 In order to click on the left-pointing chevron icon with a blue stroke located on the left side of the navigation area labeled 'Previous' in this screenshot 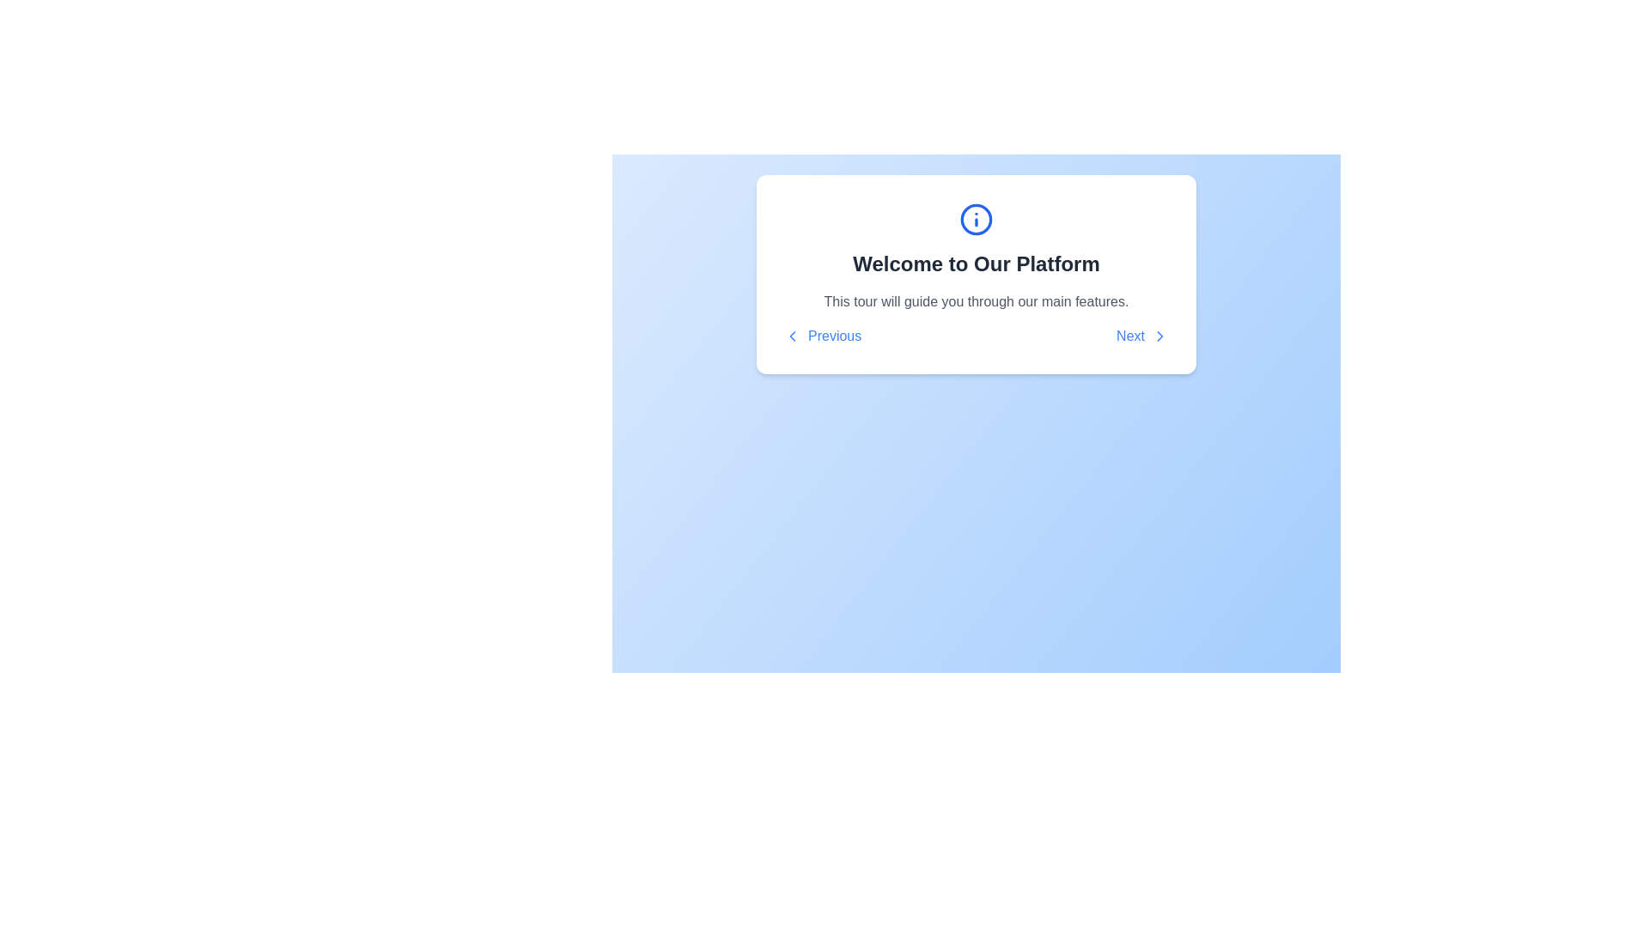, I will do `click(791, 336)`.